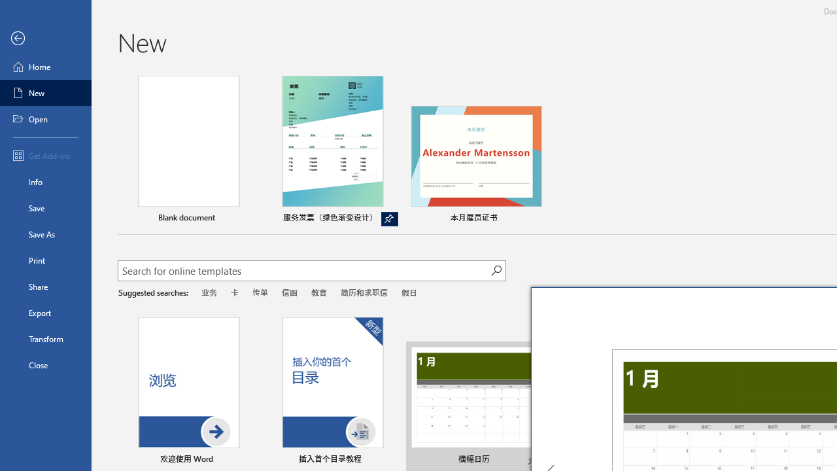 The image size is (837, 471). What do you see at coordinates (45, 338) in the screenshot?
I see `'Transform'` at bounding box center [45, 338].